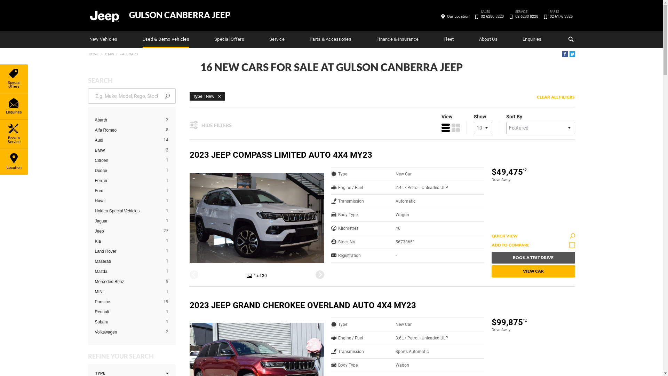  Describe the element at coordinates (532, 271) in the screenshot. I see `'VIEW CAR'` at that location.